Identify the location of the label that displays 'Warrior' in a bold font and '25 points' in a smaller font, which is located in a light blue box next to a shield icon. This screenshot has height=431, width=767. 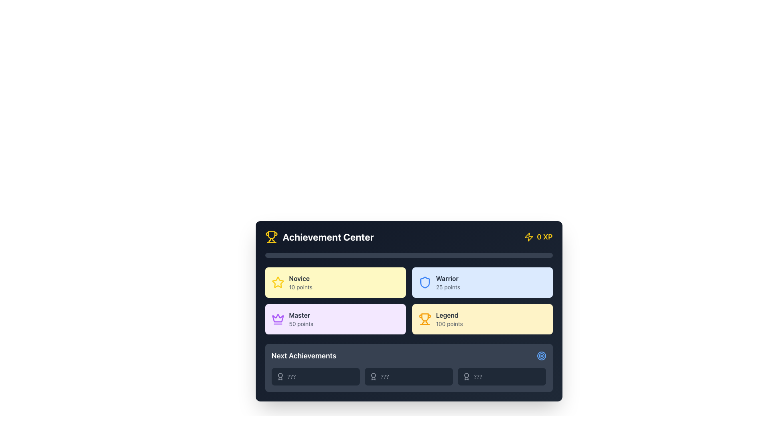
(448, 282).